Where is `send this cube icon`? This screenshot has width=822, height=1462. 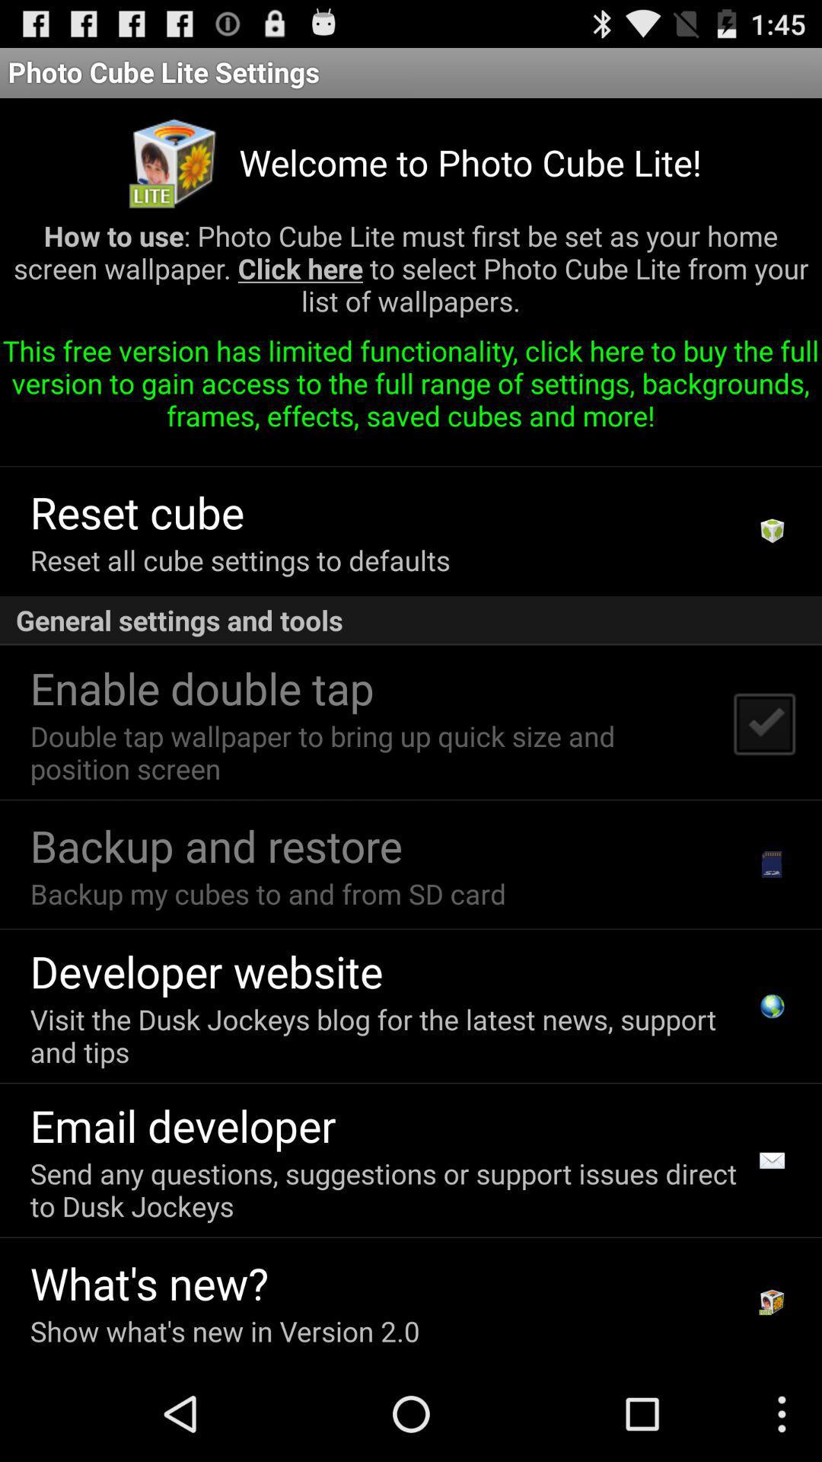 send this cube icon is located at coordinates (295, 447).